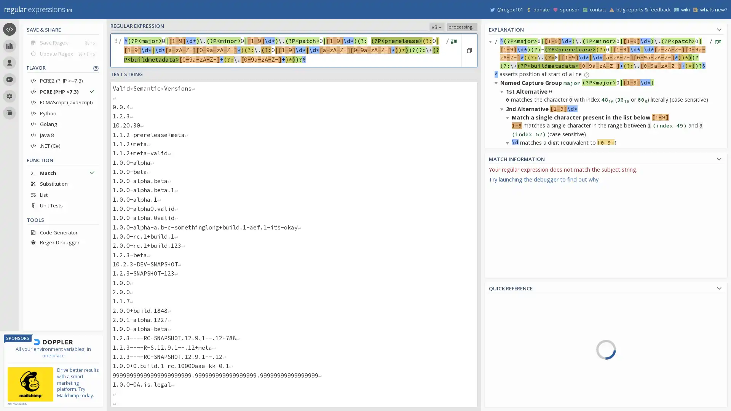  Describe the element at coordinates (644, 388) in the screenshot. I see `Any non-whitespace character \S` at that location.